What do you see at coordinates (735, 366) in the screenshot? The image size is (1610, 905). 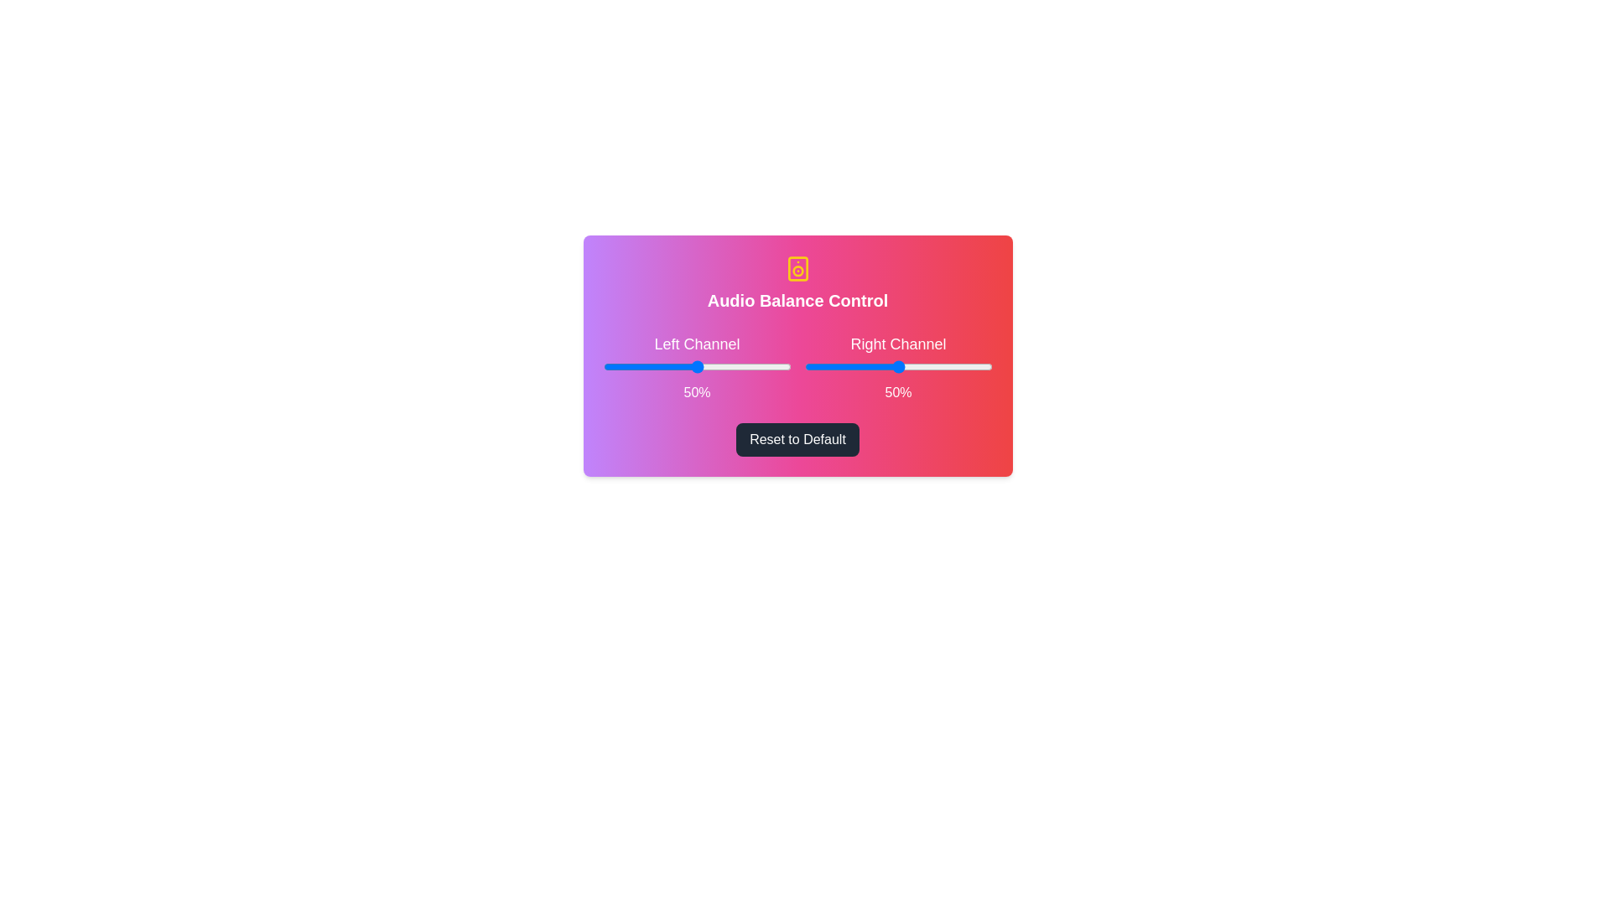 I see `the left slider to 70%` at bounding box center [735, 366].